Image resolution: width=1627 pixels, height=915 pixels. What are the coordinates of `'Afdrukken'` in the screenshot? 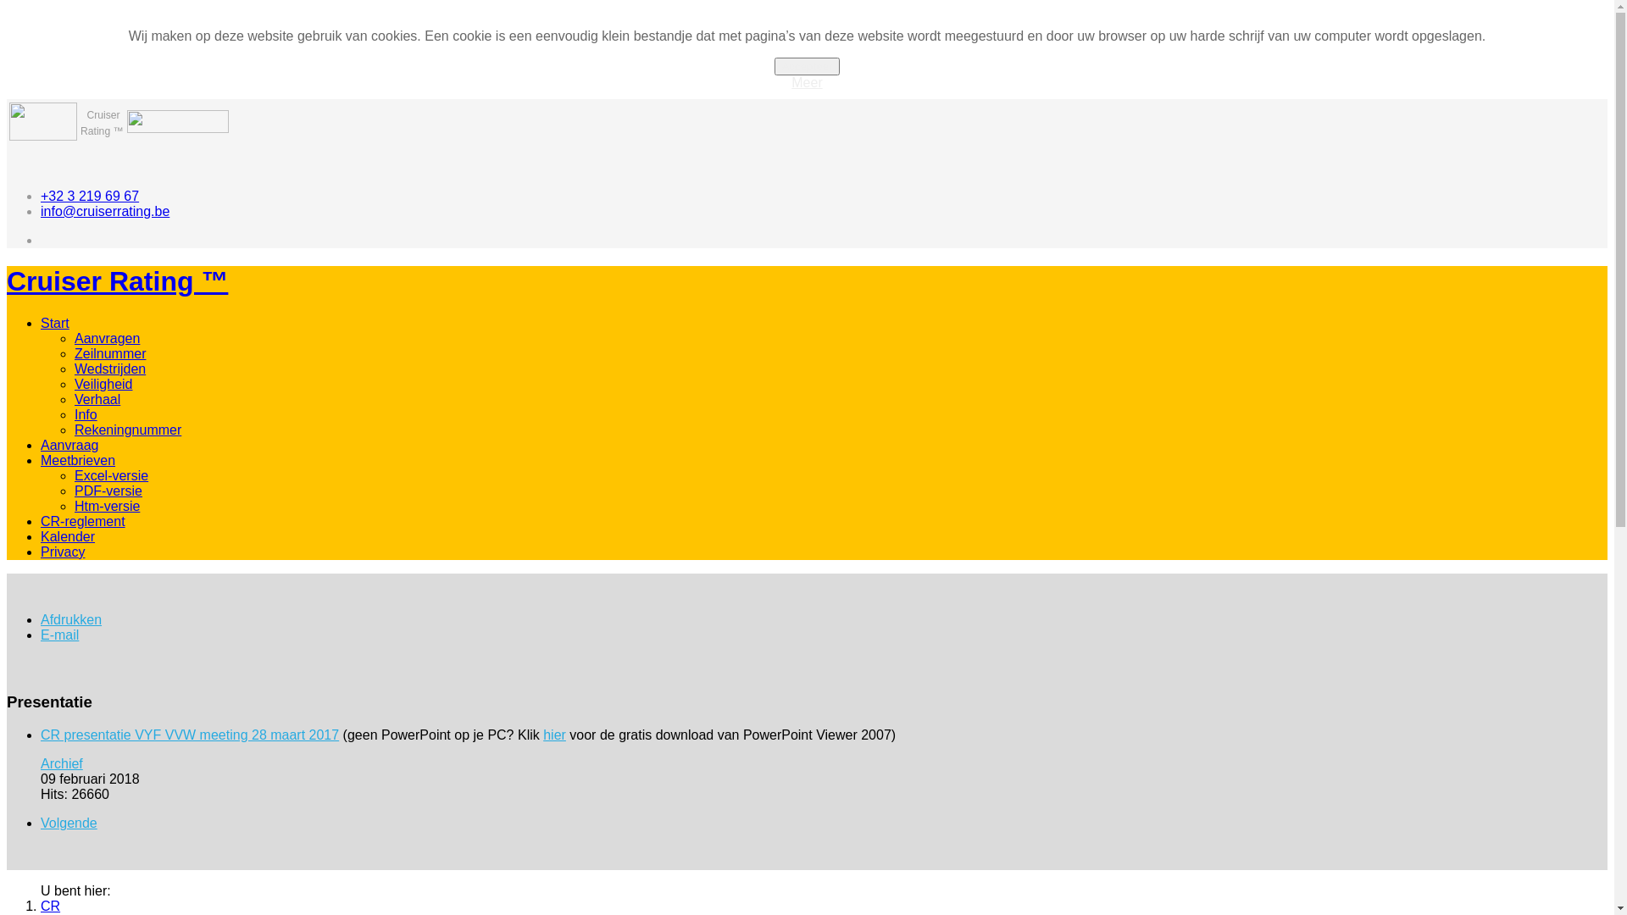 It's located at (69, 619).